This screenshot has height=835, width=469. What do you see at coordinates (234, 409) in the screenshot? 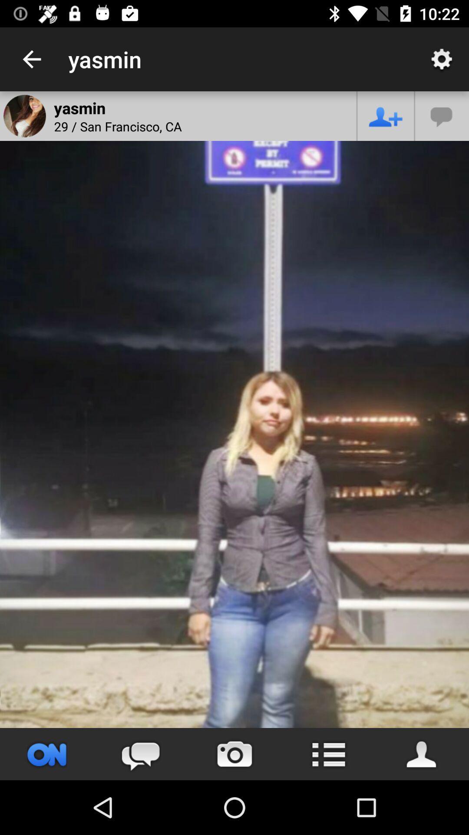
I see `item at the center` at bounding box center [234, 409].